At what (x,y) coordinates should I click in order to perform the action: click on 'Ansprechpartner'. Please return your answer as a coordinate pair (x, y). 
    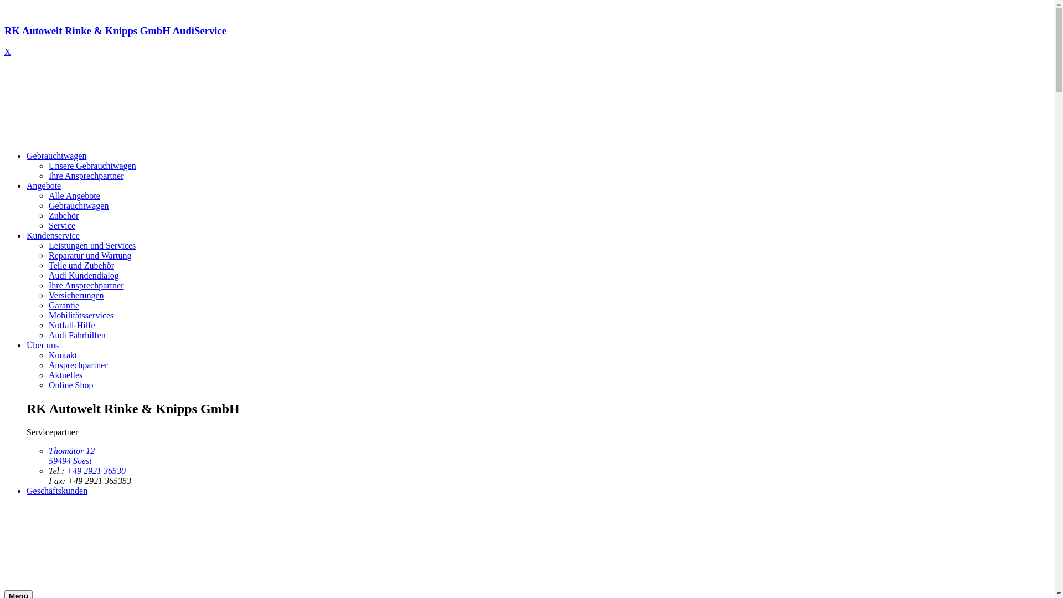
    Looking at the image, I should click on (48, 365).